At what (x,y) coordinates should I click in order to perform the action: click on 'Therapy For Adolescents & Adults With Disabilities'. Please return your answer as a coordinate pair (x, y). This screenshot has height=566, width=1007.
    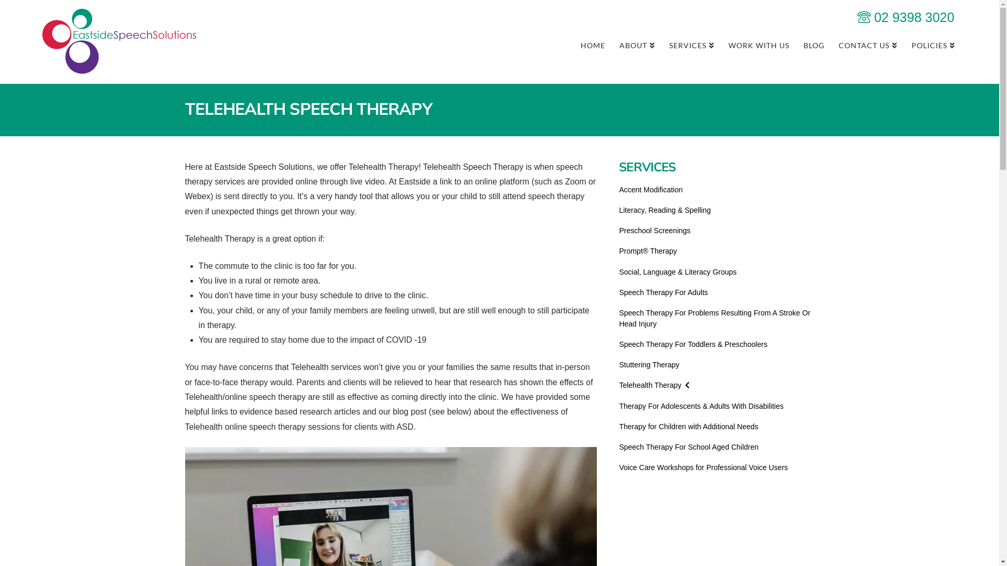
    Looking at the image, I should click on (701, 406).